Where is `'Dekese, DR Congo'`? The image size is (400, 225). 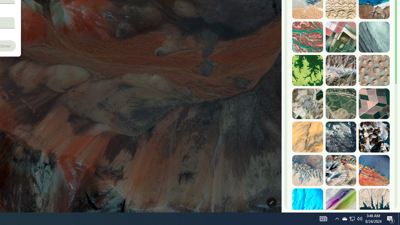 'Dekese, DR Congo' is located at coordinates (307, 70).